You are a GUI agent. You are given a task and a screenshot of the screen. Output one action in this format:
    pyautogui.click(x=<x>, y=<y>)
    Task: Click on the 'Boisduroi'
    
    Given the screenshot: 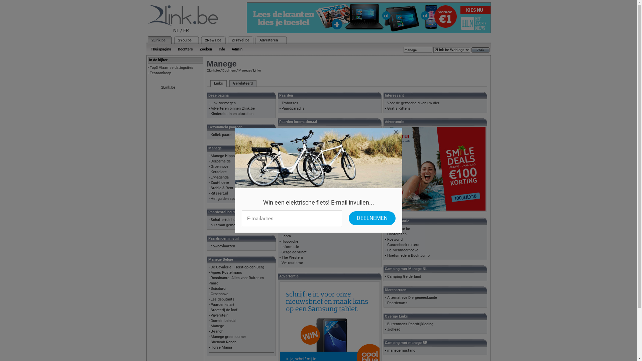 What is the action you would take?
    pyautogui.click(x=218, y=288)
    